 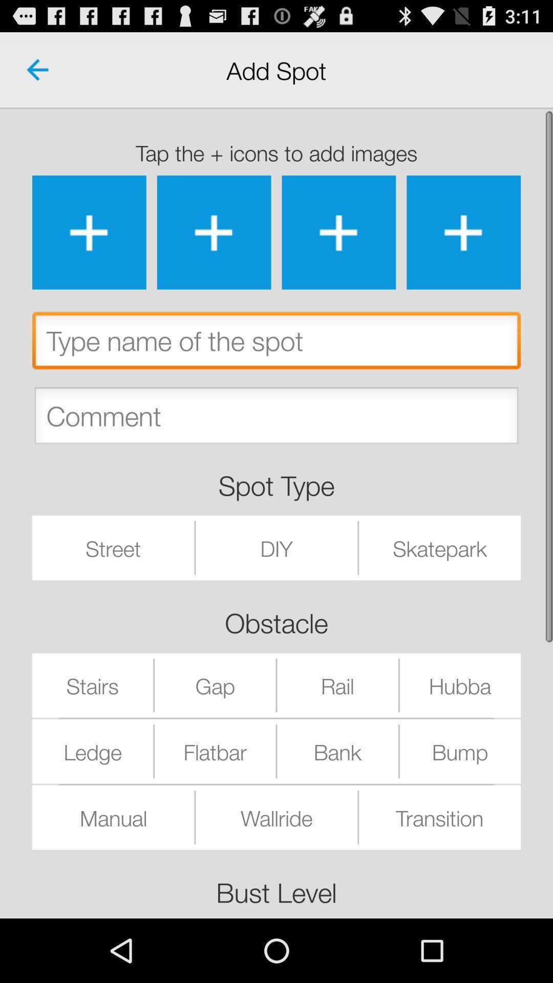 I want to click on the flatbar item, so click(x=215, y=751).